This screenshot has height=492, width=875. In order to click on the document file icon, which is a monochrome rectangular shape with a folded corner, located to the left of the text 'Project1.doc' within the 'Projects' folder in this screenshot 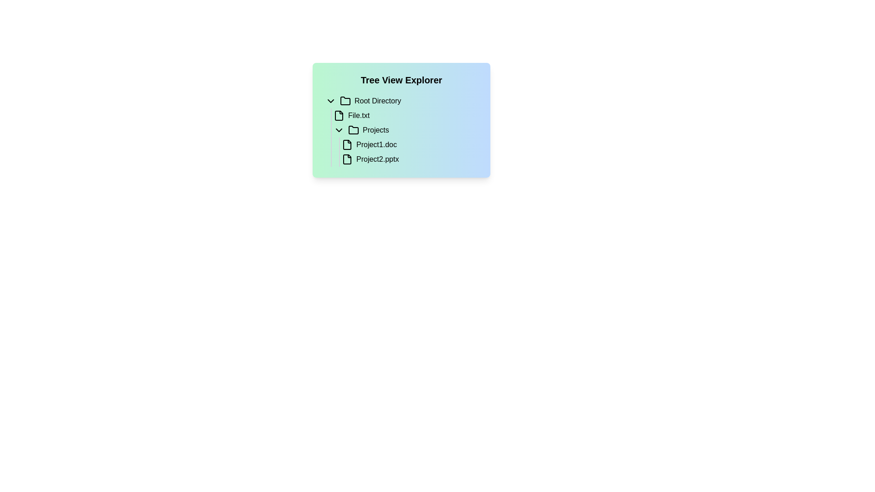, I will do `click(347, 144)`.